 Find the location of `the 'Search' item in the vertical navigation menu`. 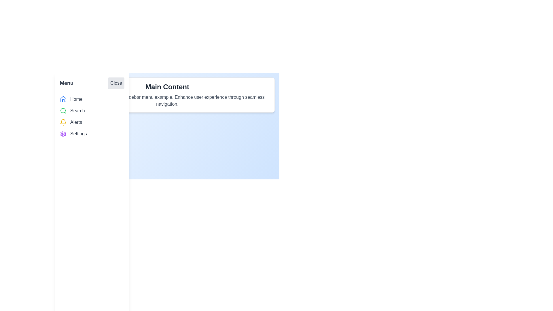

the 'Search' item in the vertical navigation menu is located at coordinates (92, 117).